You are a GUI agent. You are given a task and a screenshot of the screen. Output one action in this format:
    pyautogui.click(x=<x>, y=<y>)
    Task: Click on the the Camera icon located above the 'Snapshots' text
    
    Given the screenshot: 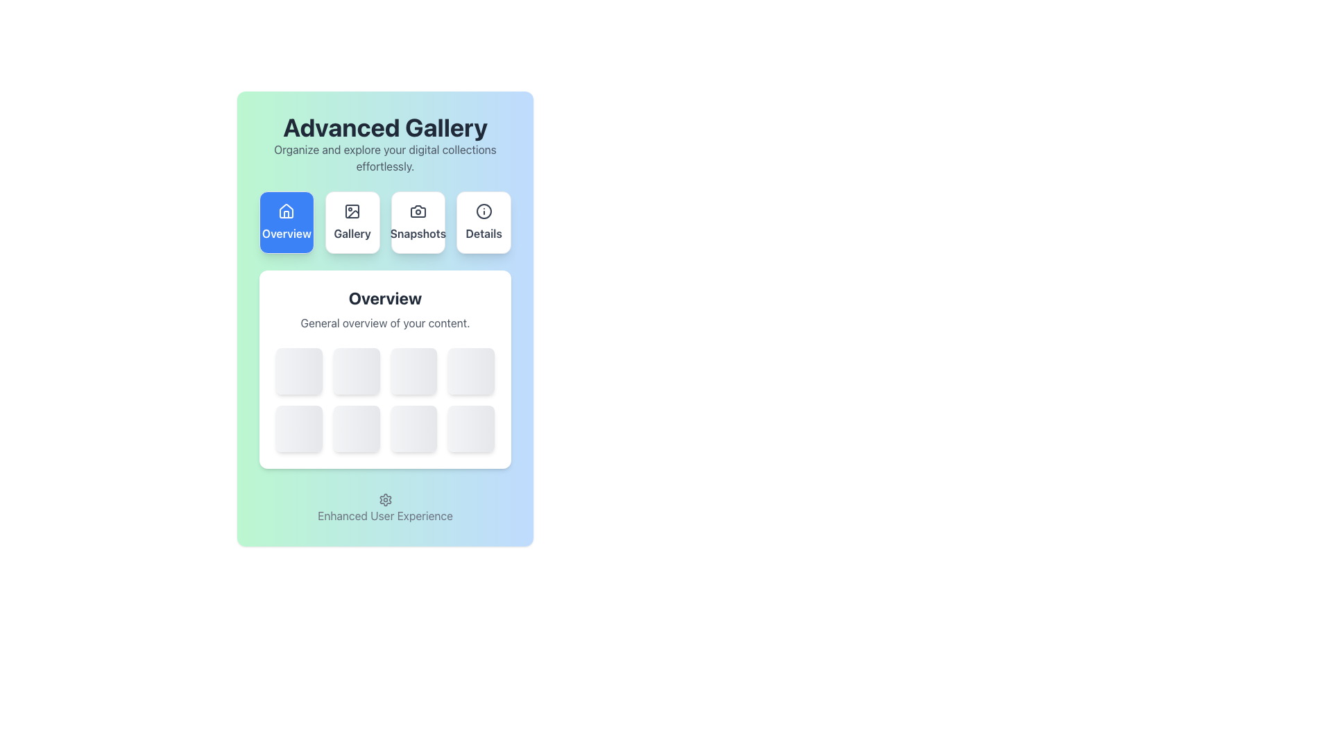 What is the action you would take?
    pyautogui.click(x=417, y=211)
    